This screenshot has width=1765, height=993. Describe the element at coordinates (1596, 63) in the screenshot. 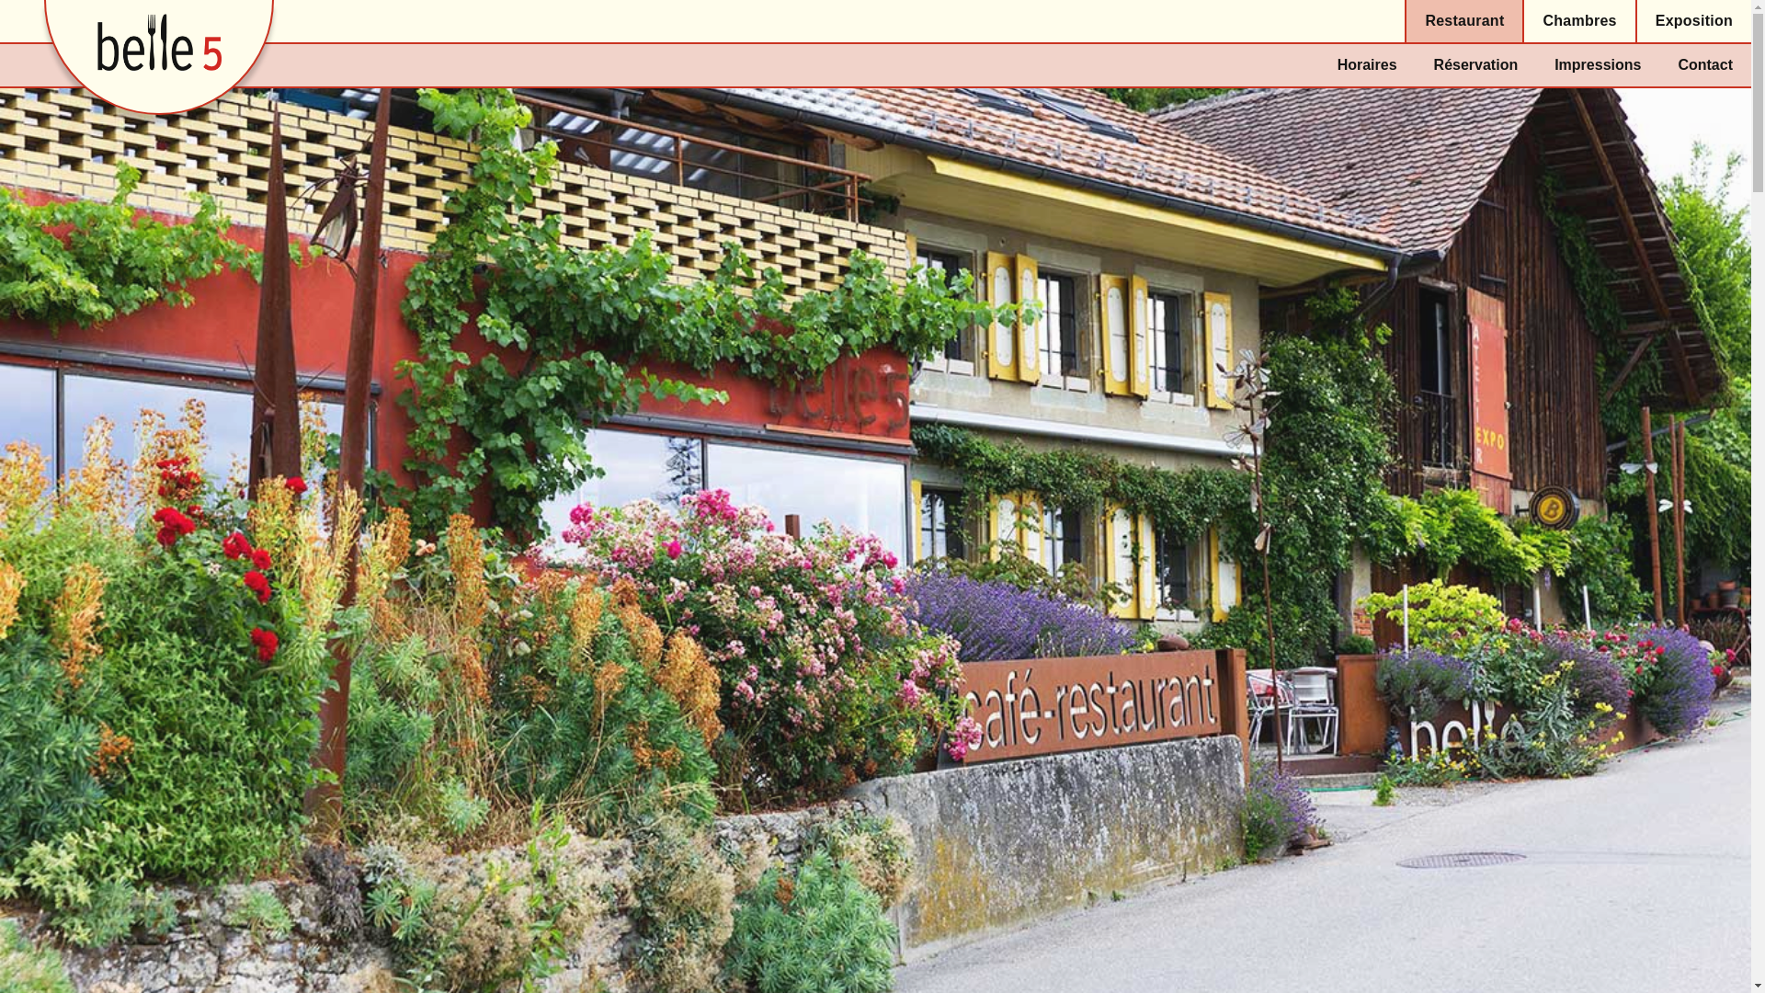

I see `'Impressions'` at that location.